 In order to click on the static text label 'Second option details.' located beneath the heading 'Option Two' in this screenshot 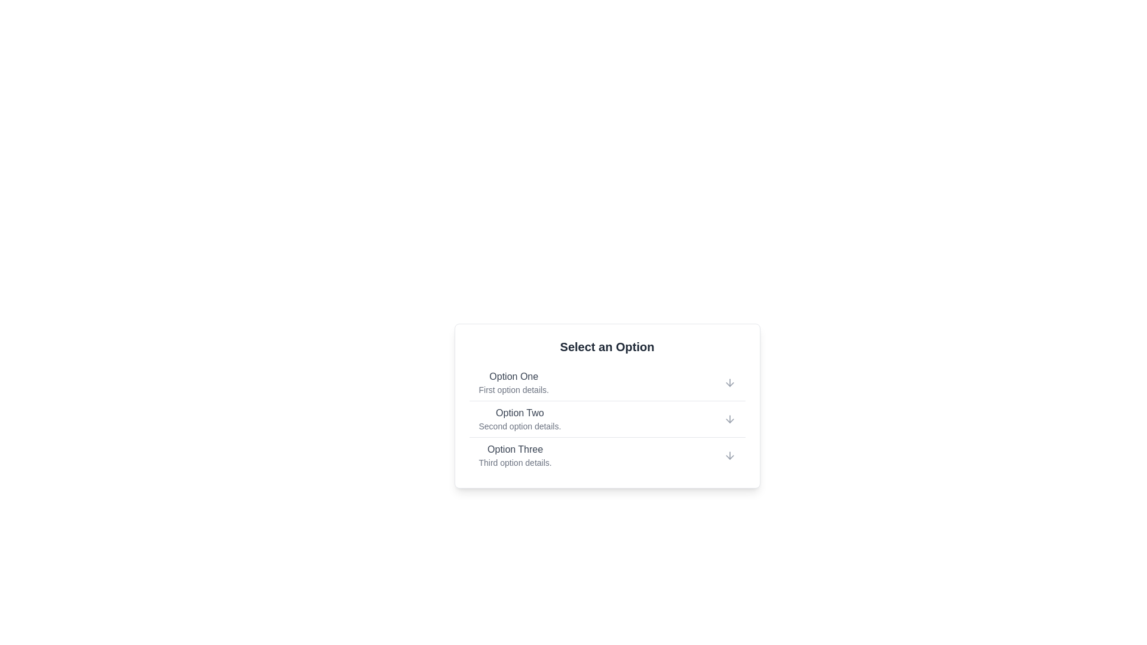, I will do `click(520, 425)`.